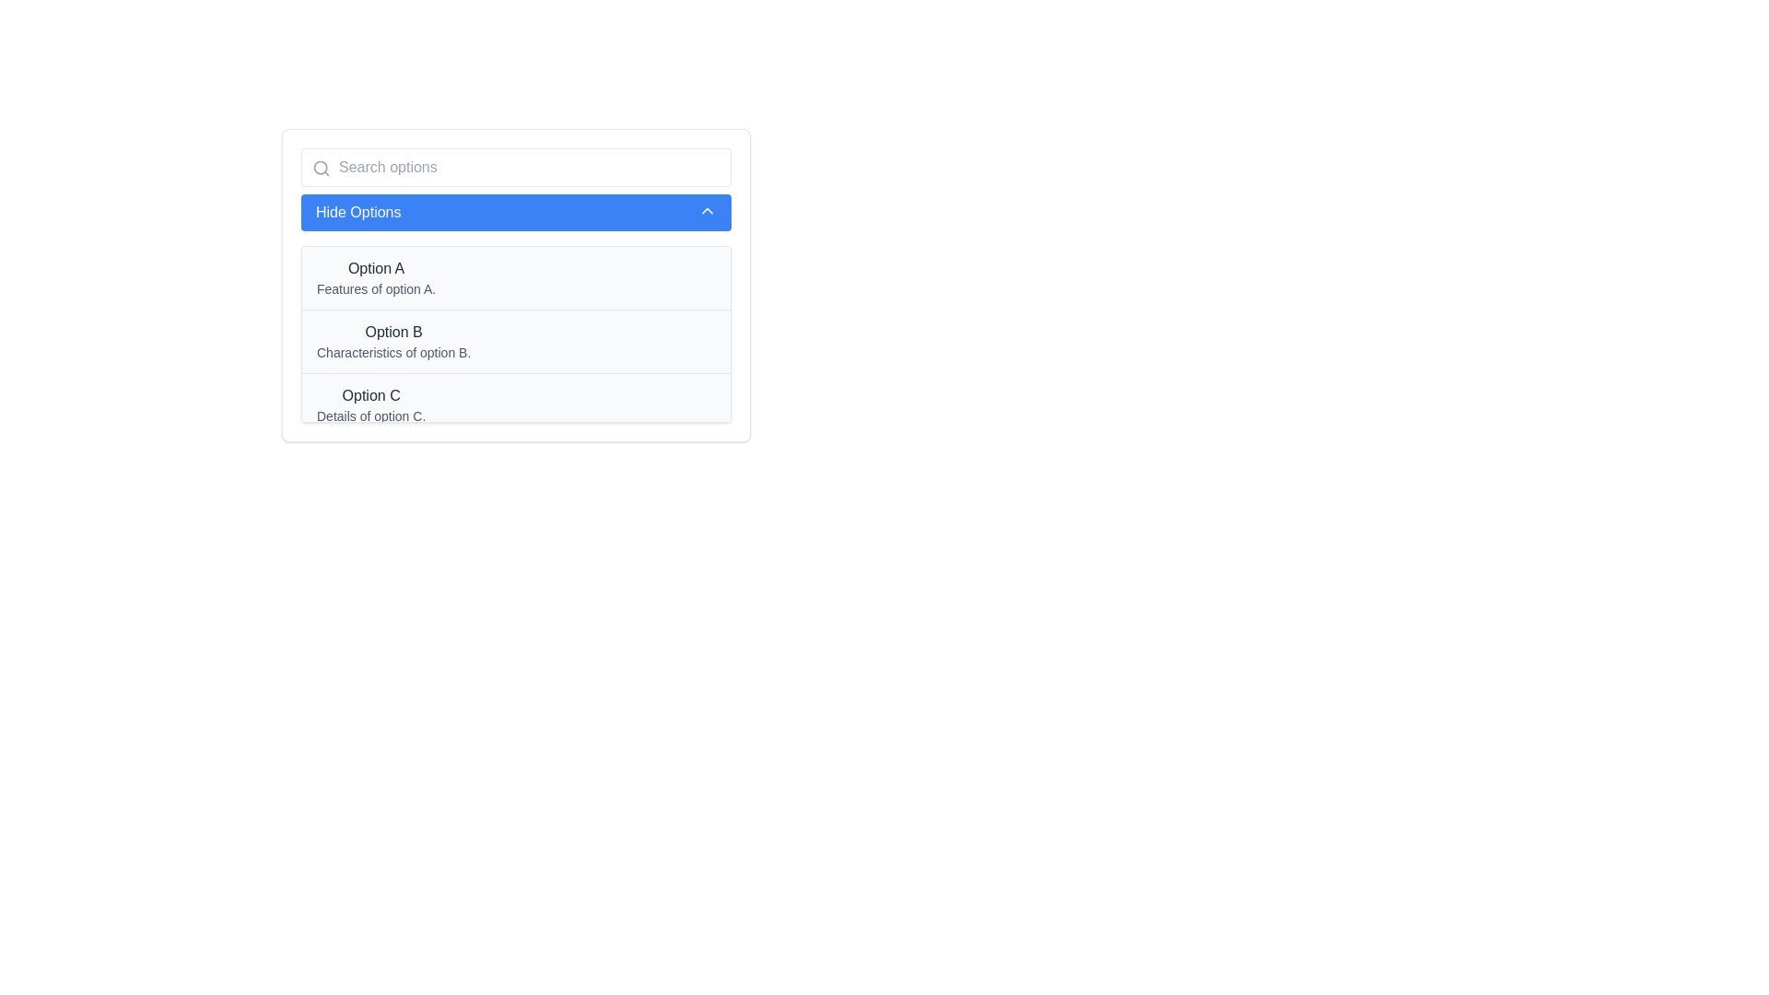 Image resolution: width=1769 pixels, height=995 pixels. I want to click on the 'Option C' text label in the dropdown menu, so click(370, 394).